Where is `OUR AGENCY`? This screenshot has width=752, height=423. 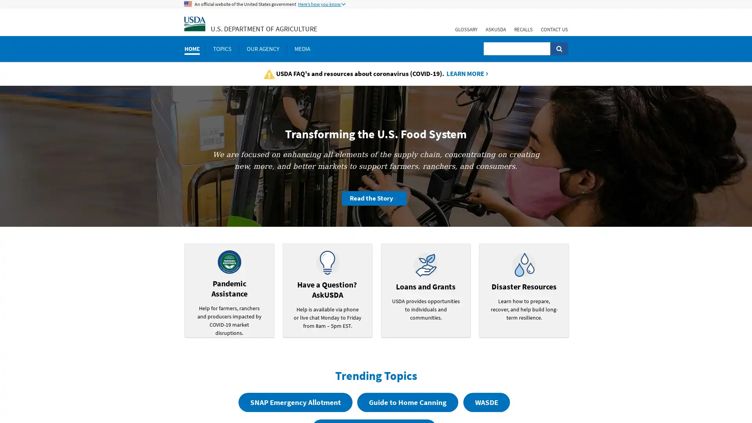
OUR AGENCY is located at coordinates (263, 49).